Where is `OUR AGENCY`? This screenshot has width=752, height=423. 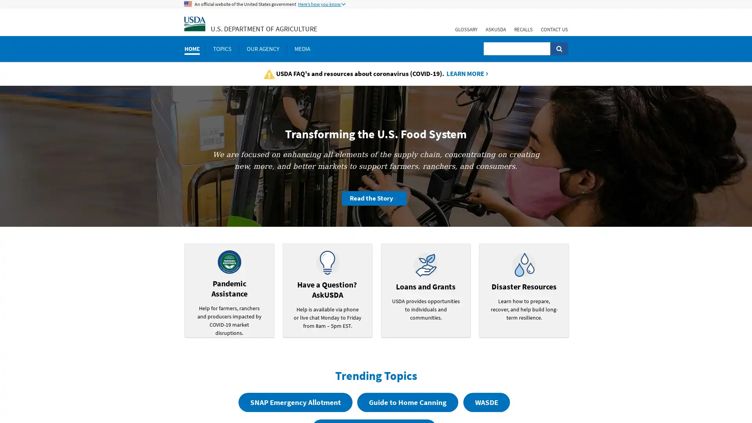
OUR AGENCY is located at coordinates (263, 49).